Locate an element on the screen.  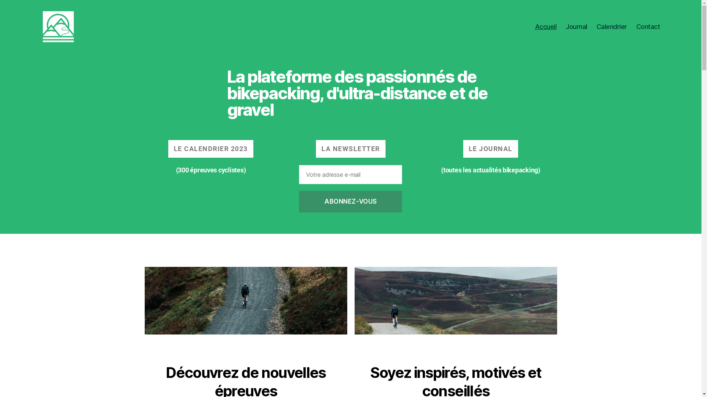
'LA NEWSLETTER' is located at coordinates (350, 149).